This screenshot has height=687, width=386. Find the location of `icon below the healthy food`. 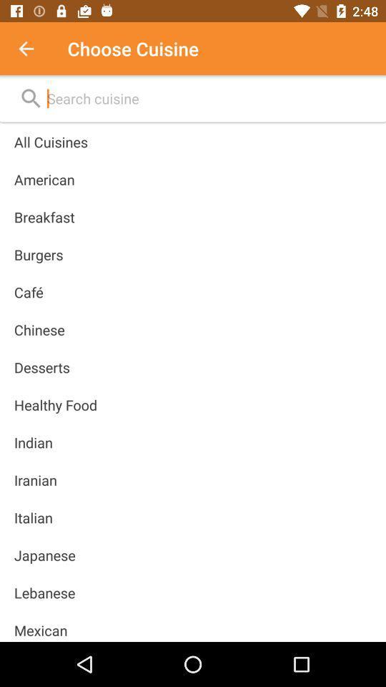

icon below the healthy food is located at coordinates (33, 442).